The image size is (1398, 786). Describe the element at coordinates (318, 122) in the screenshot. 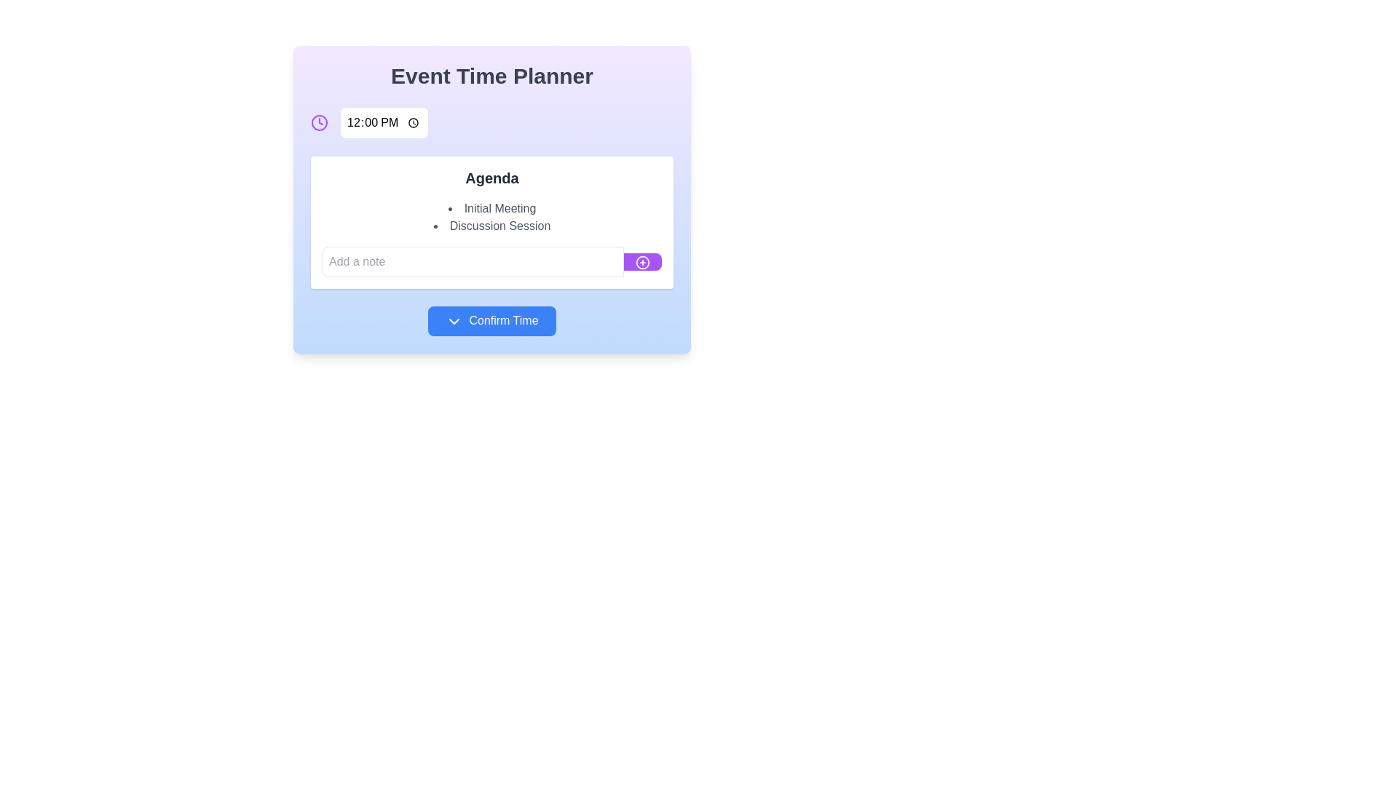

I see `the circular graphical icon component representing a clock face, which is located in the upper left section of the modal interface next to the time display field showing '12:00 PM'` at that location.